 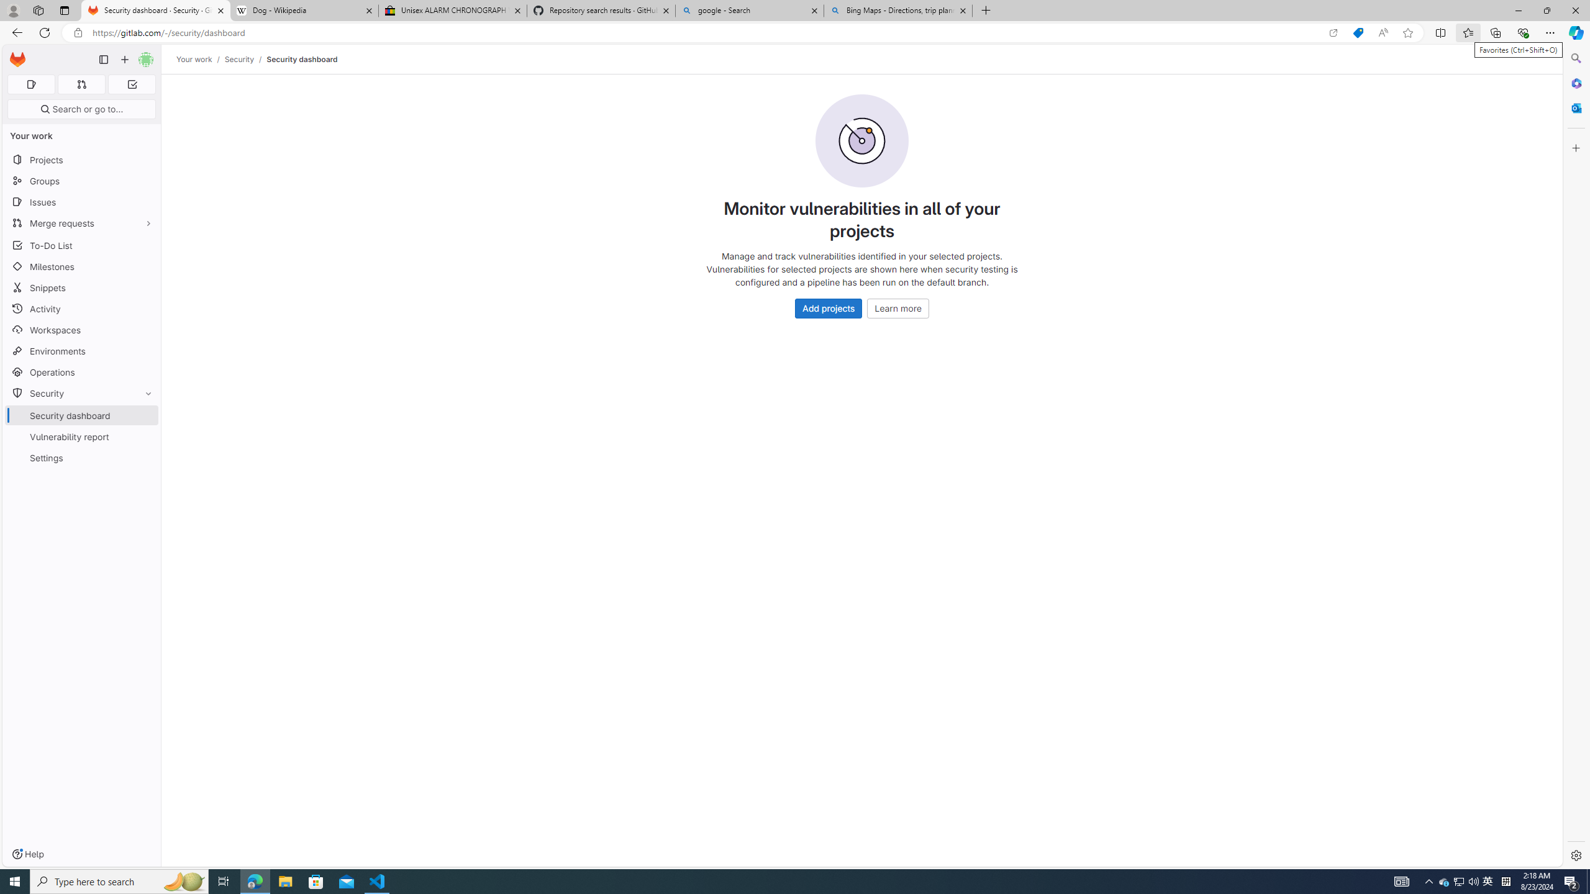 I want to click on 'Your work', so click(x=194, y=59).